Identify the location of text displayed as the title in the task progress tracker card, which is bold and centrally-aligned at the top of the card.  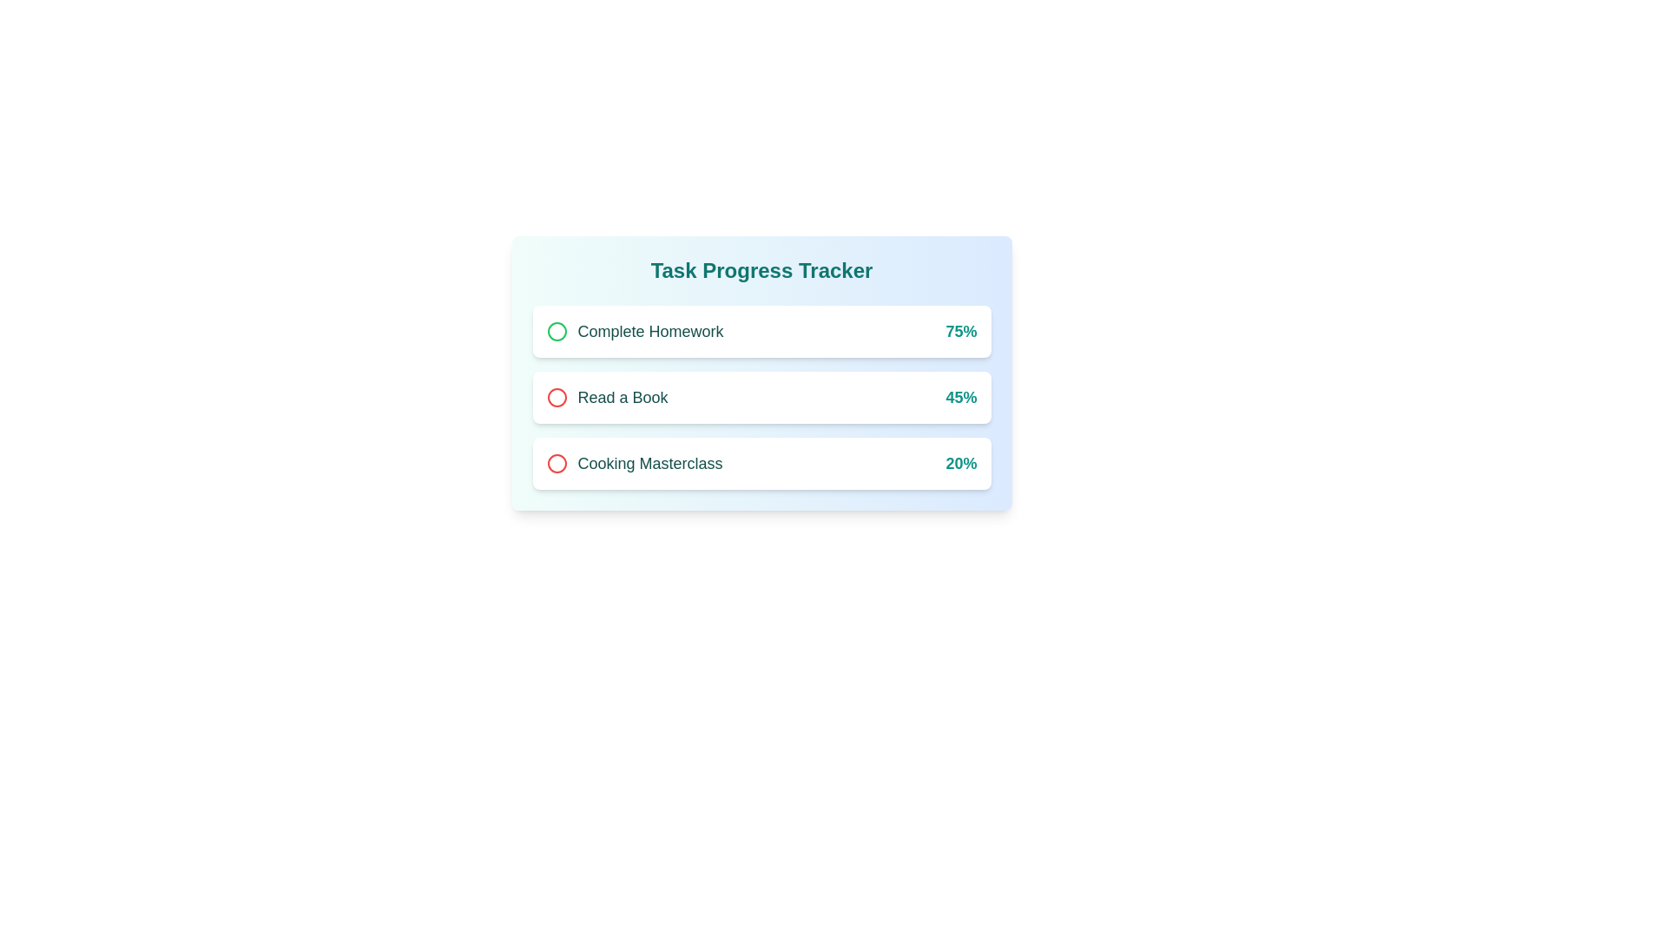
(761, 271).